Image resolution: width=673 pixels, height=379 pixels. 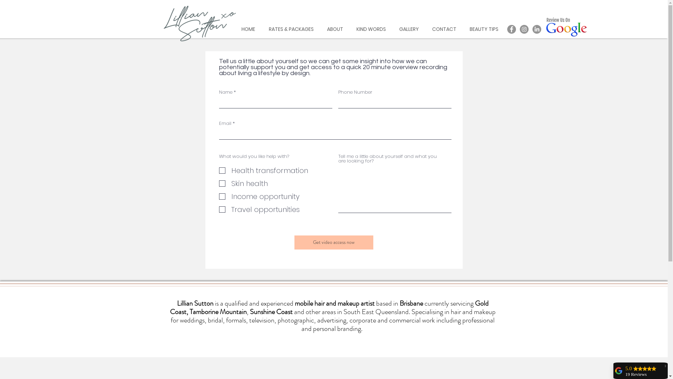 I want to click on 'CONTACT', so click(x=444, y=29).